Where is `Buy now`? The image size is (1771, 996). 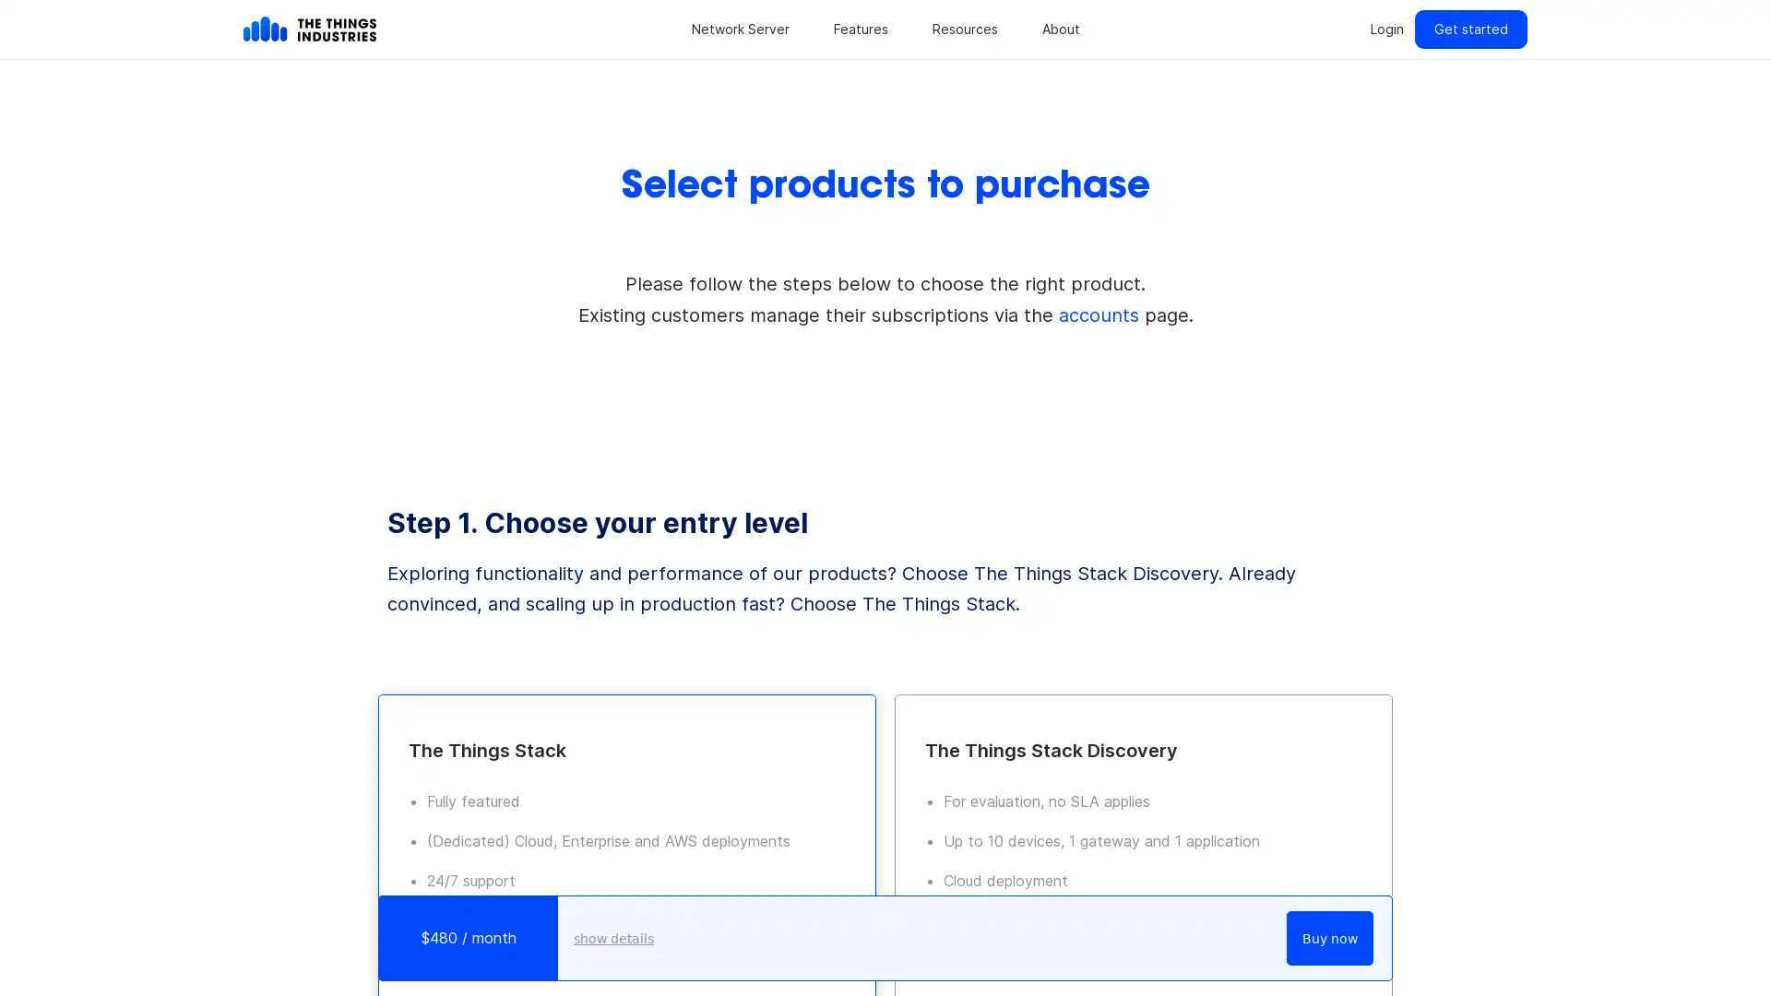 Buy now is located at coordinates (1329, 938).